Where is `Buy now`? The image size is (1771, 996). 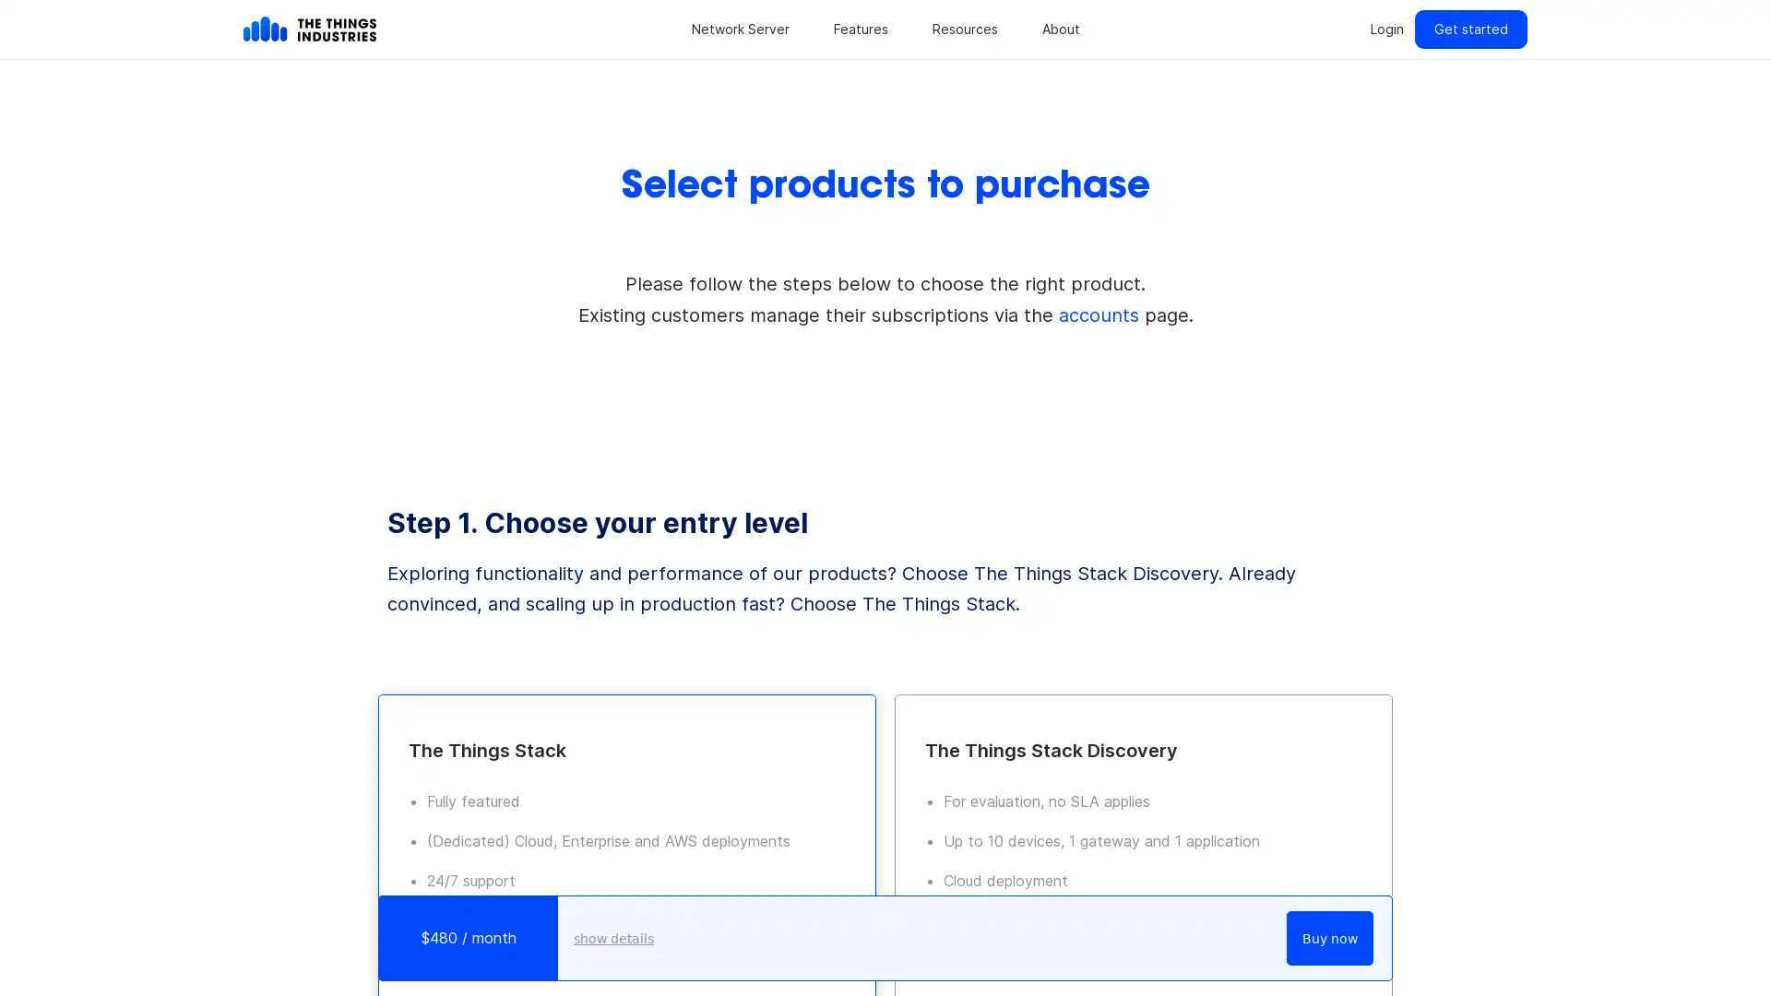 Buy now is located at coordinates (1329, 938).